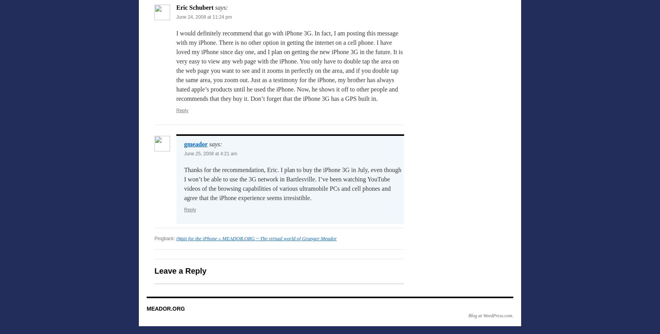 Image resolution: width=660 pixels, height=334 pixels. What do you see at coordinates (491, 315) in the screenshot?
I see `'Blog at WordPress.com.'` at bounding box center [491, 315].